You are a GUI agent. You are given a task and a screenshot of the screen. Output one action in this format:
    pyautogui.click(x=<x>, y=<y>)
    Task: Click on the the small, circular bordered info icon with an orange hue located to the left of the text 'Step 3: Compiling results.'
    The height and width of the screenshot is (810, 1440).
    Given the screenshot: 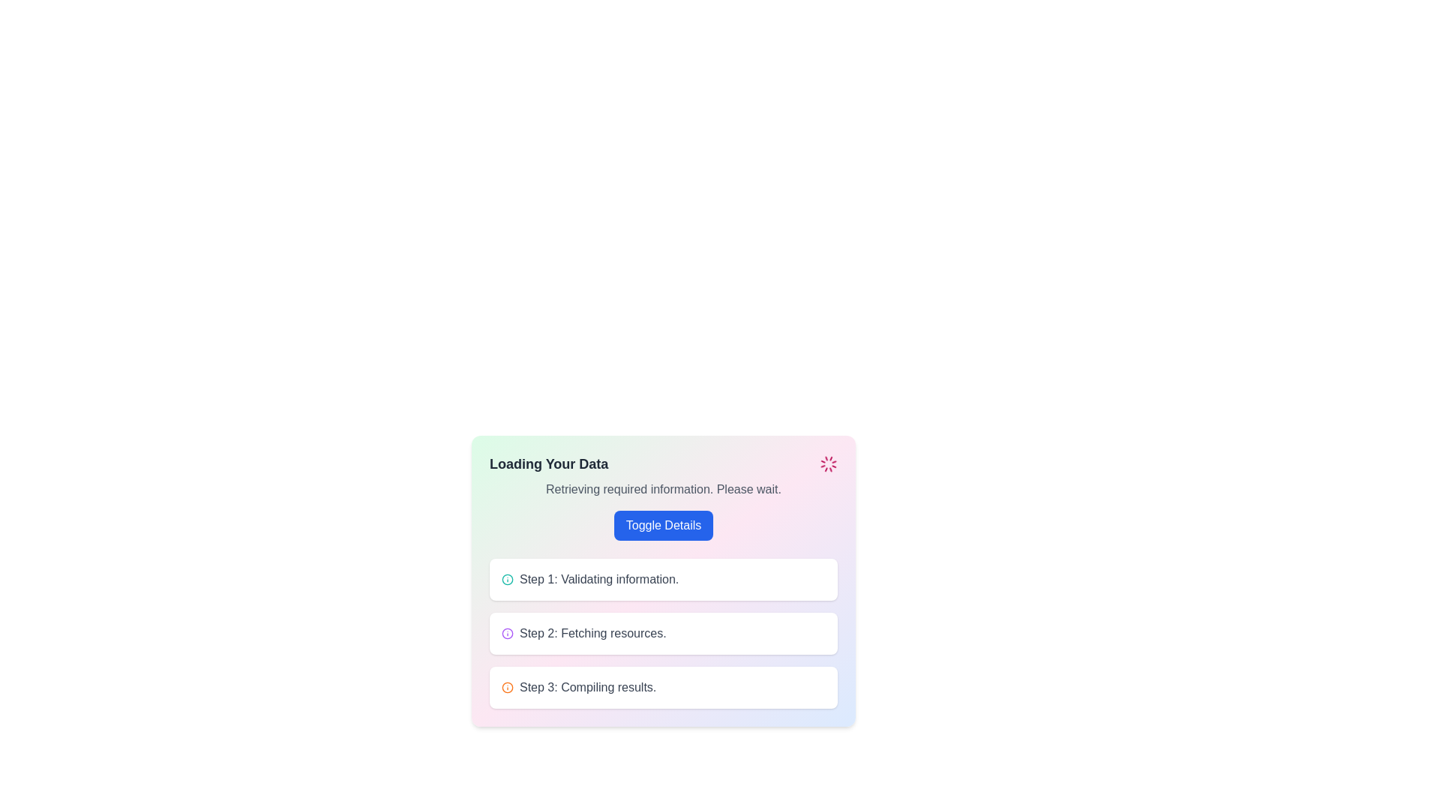 What is the action you would take?
    pyautogui.click(x=507, y=688)
    